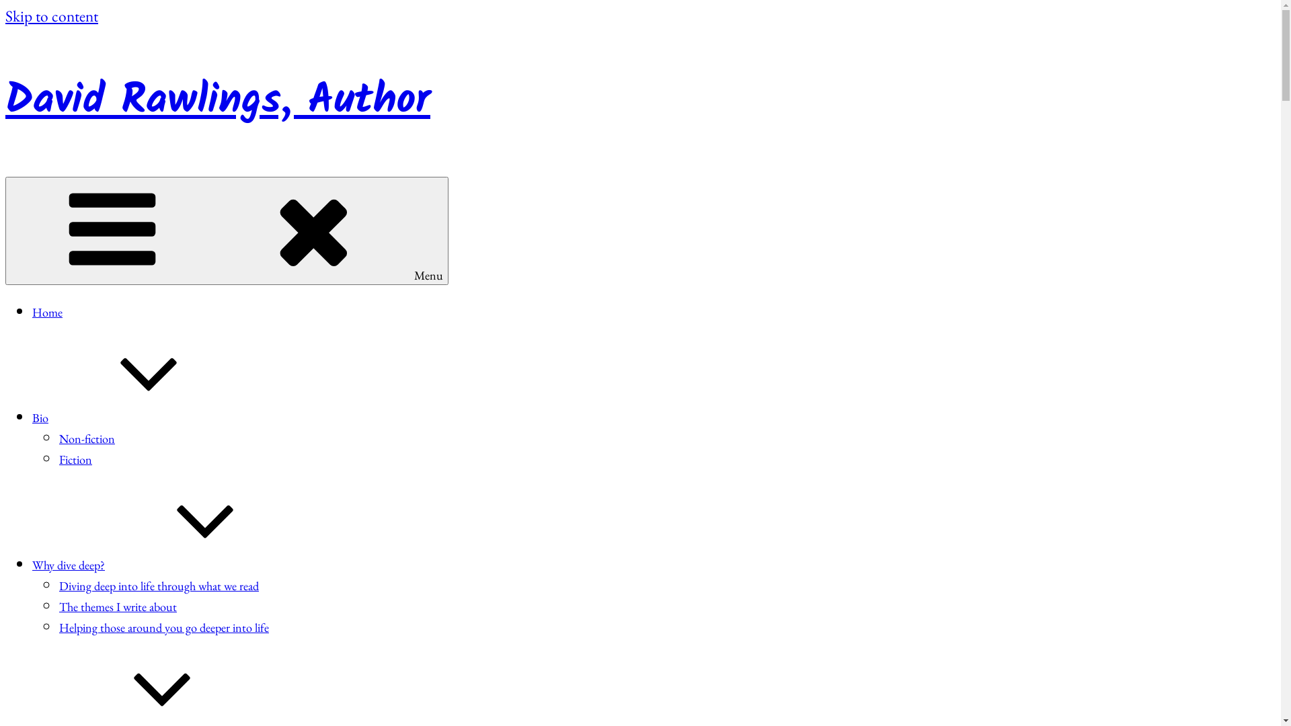  Describe the element at coordinates (51, 15) in the screenshot. I see `'Skip to content'` at that location.